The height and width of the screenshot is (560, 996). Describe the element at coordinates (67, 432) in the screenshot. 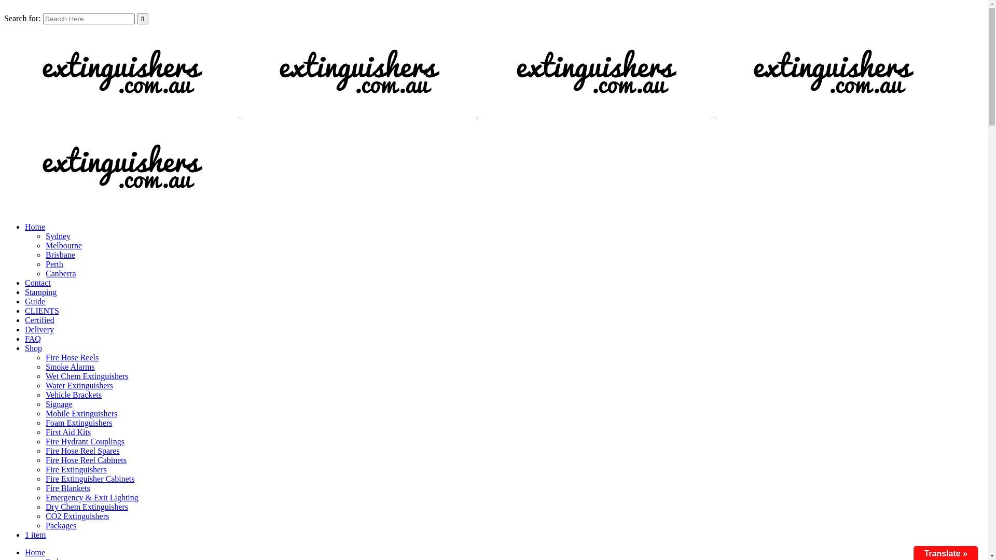

I see `'First Aid Kits'` at that location.